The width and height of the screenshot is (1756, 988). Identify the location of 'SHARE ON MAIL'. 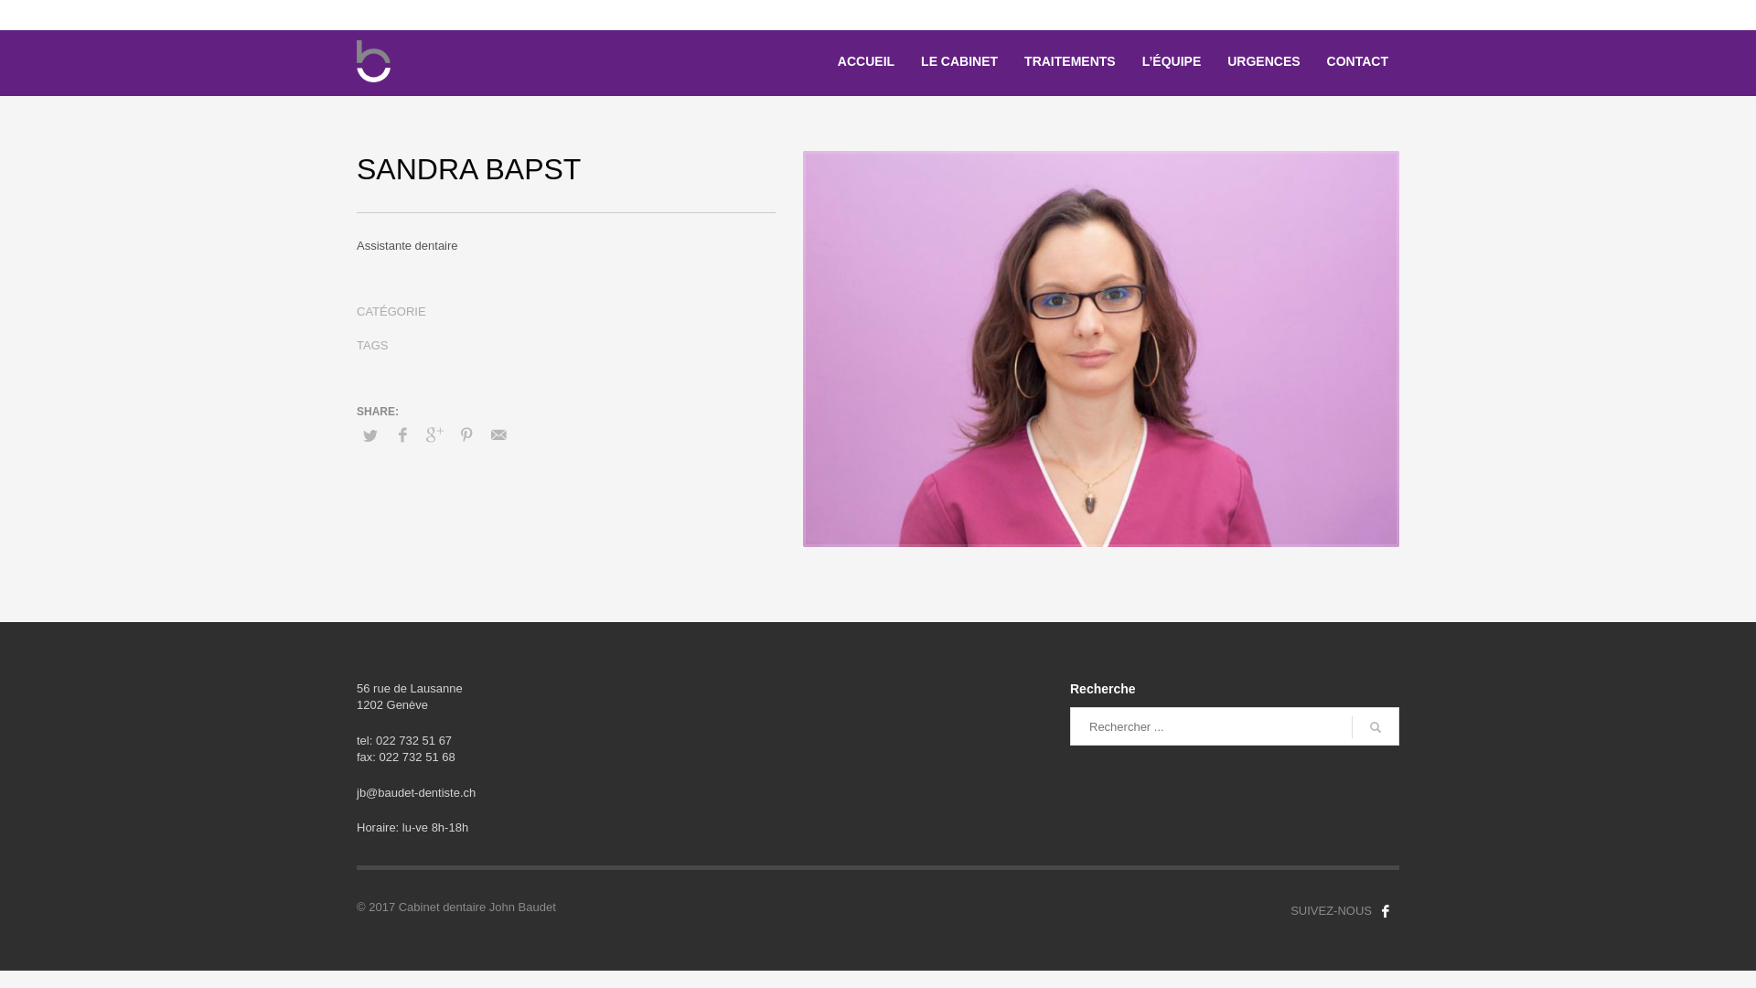
(484, 435).